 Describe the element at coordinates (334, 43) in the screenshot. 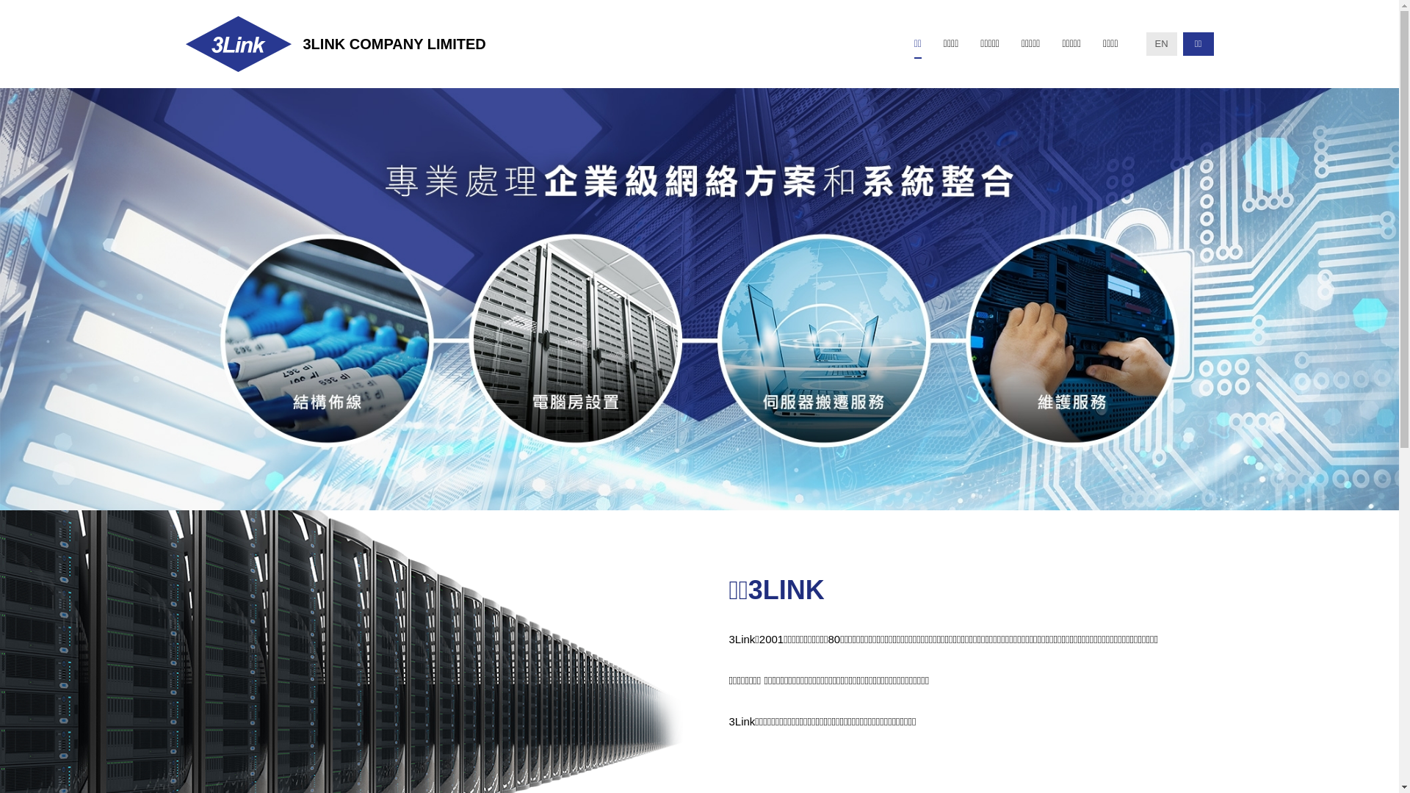

I see `'3LINK COMPANY LIMITED'` at that location.